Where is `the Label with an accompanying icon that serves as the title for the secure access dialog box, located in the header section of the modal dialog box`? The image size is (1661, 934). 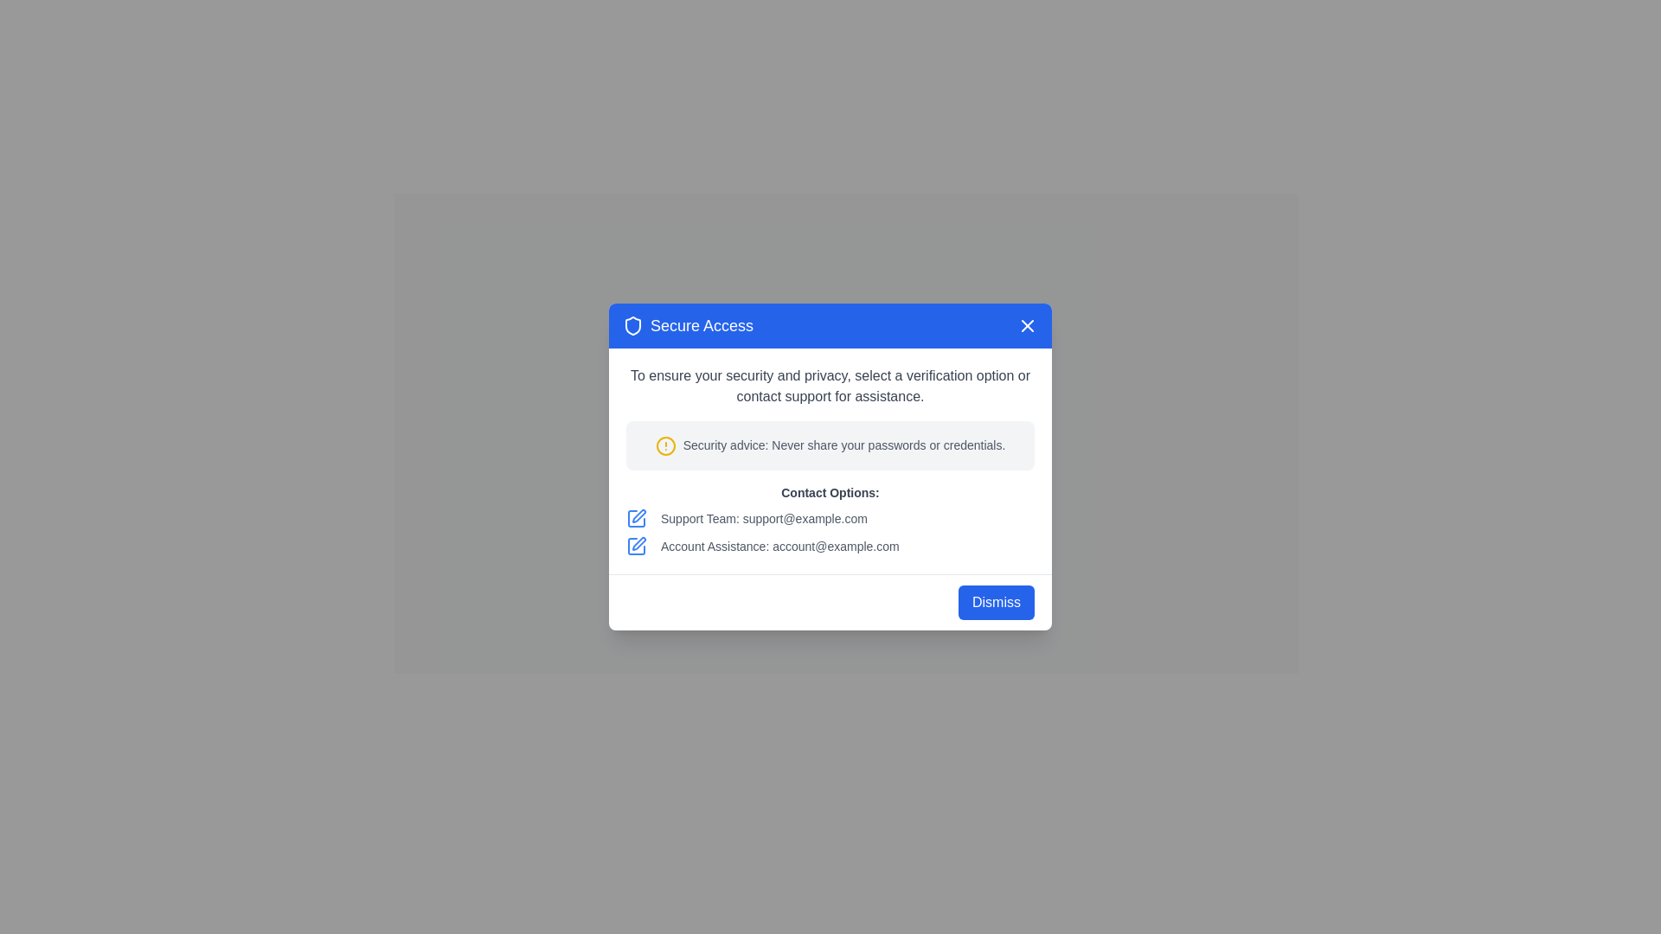 the Label with an accompanying icon that serves as the title for the secure access dialog box, located in the header section of the modal dialog box is located at coordinates (687, 326).